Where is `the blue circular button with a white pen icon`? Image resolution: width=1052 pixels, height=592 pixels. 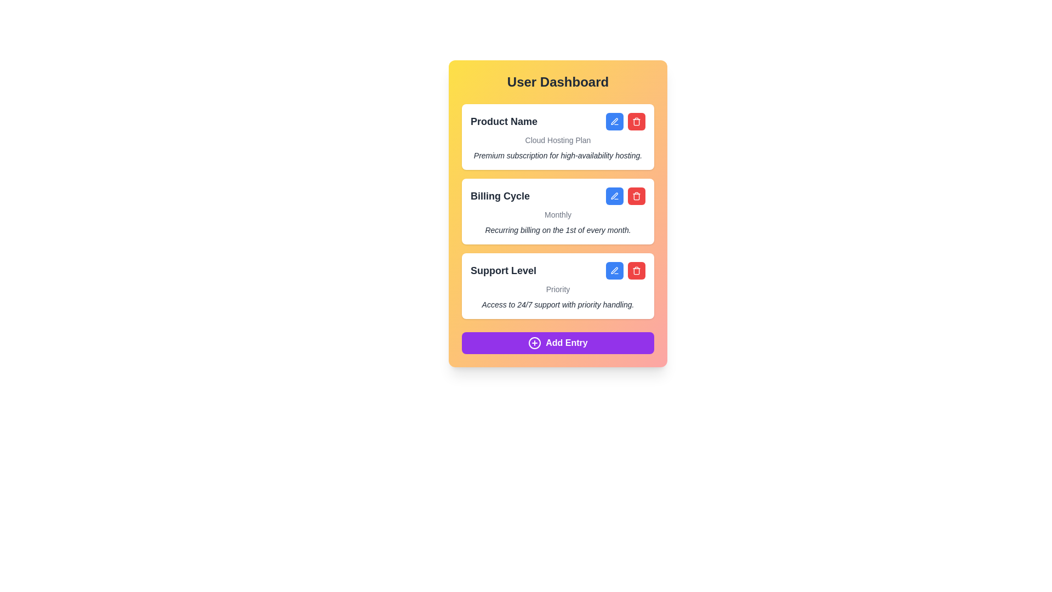
the blue circular button with a white pen icon is located at coordinates (615, 122).